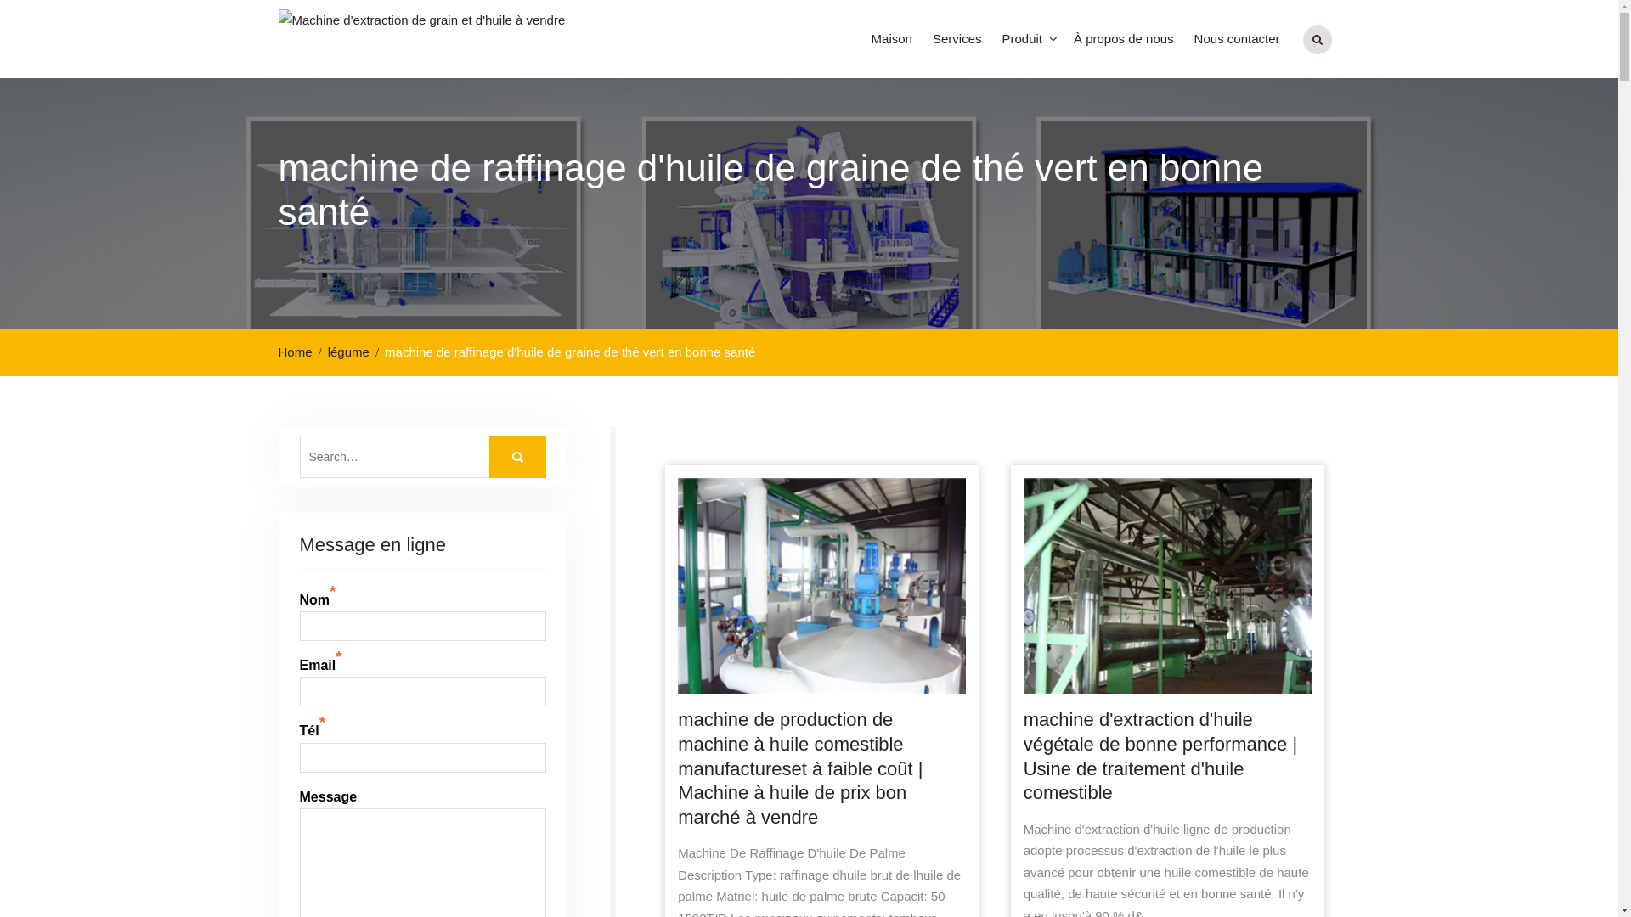 Image resolution: width=1631 pixels, height=917 pixels. What do you see at coordinates (891, 38) in the screenshot?
I see `'Maison'` at bounding box center [891, 38].